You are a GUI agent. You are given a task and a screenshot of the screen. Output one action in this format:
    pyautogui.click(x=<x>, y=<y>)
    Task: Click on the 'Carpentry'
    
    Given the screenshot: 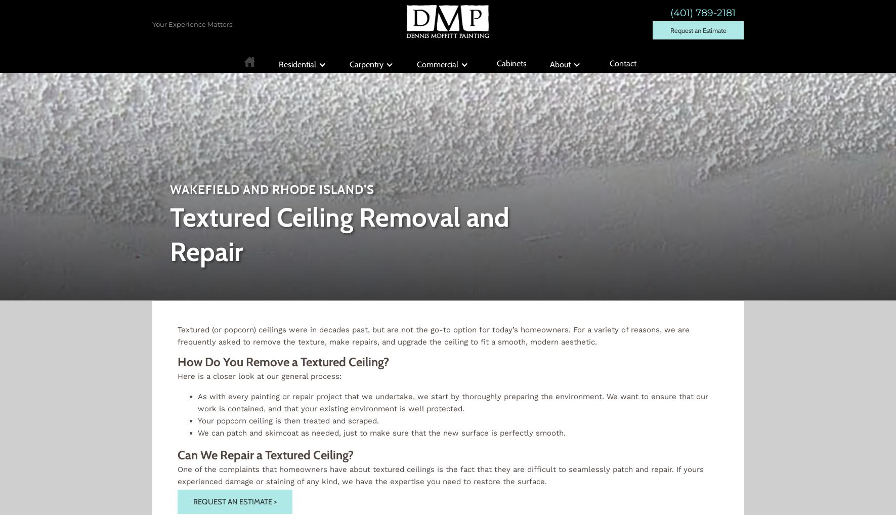 What is the action you would take?
    pyautogui.click(x=366, y=64)
    